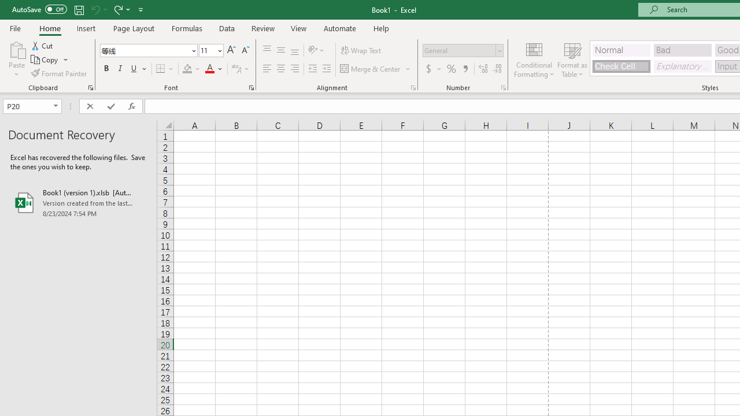  Describe the element at coordinates (78, 9) in the screenshot. I see `'Quick Access Toolbar'` at that location.